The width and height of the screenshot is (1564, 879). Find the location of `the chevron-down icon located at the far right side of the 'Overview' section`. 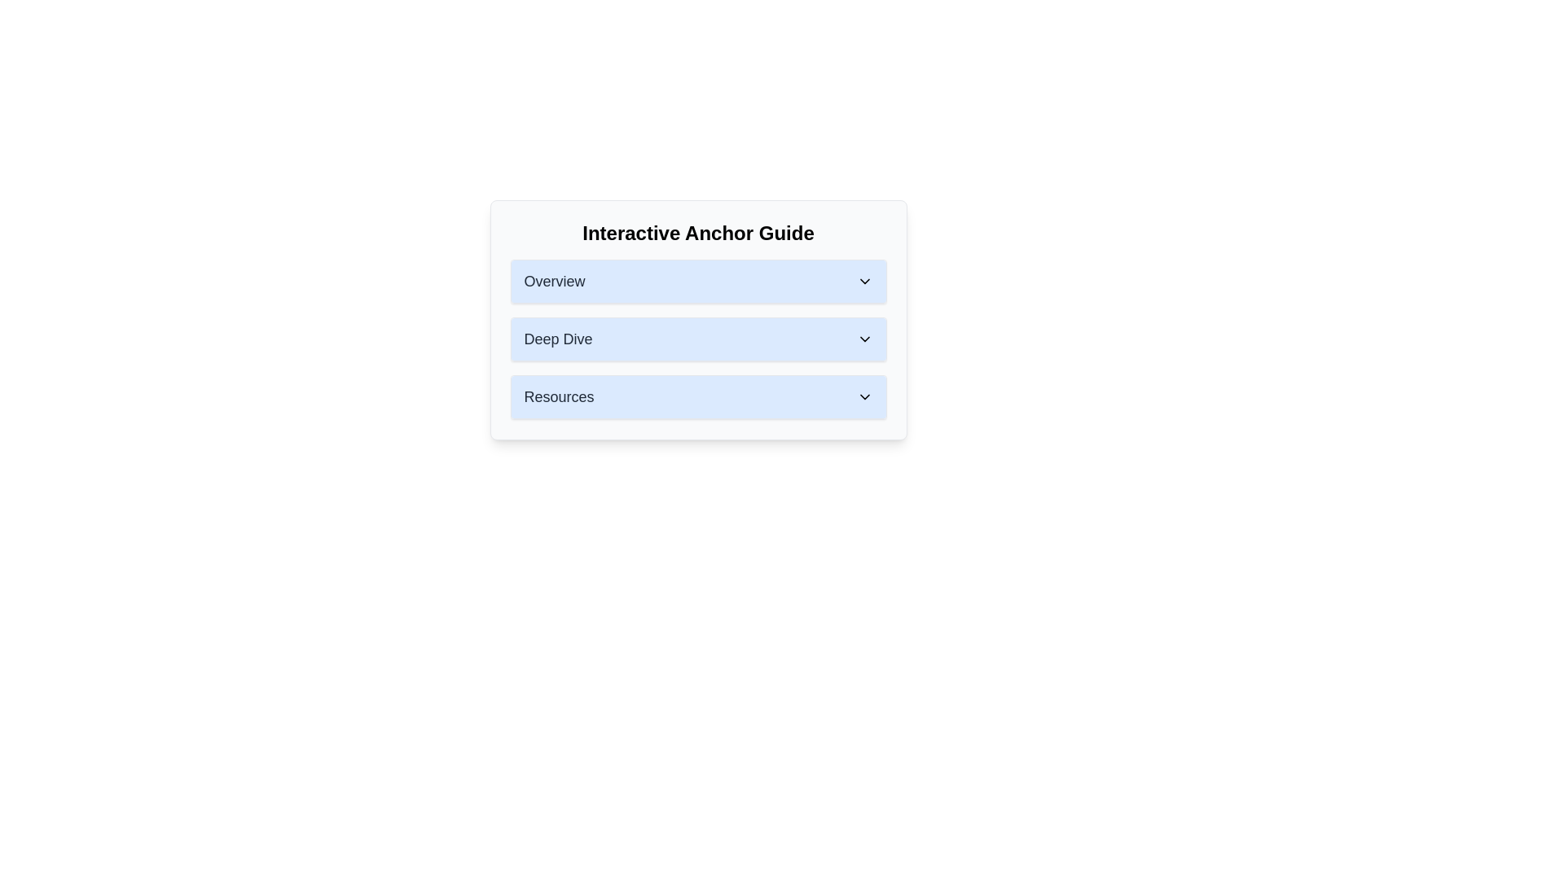

the chevron-down icon located at the far right side of the 'Overview' section is located at coordinates (863, 281).